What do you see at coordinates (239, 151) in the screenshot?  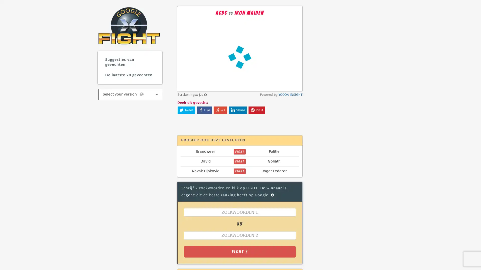 I see `FIGHT` at bounding box center [239, 151].